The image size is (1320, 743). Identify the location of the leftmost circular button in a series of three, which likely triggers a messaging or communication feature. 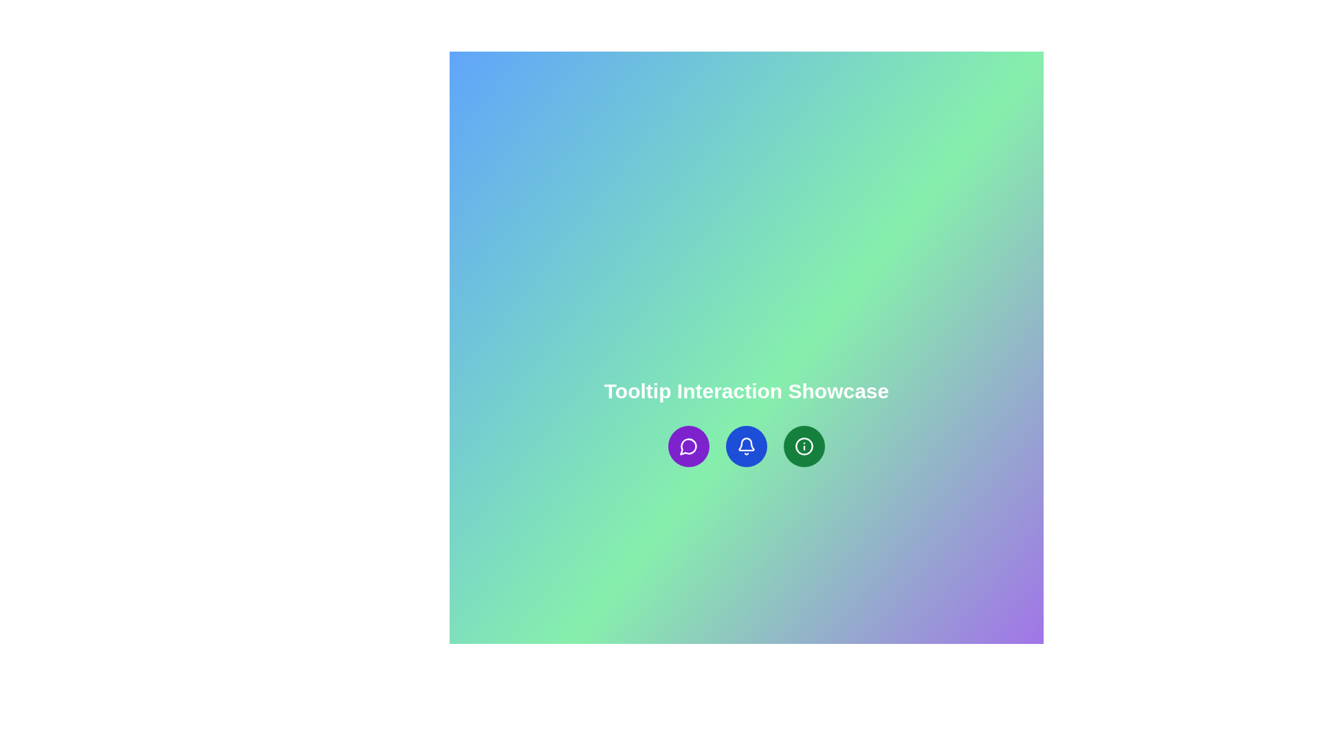
(689, 446).